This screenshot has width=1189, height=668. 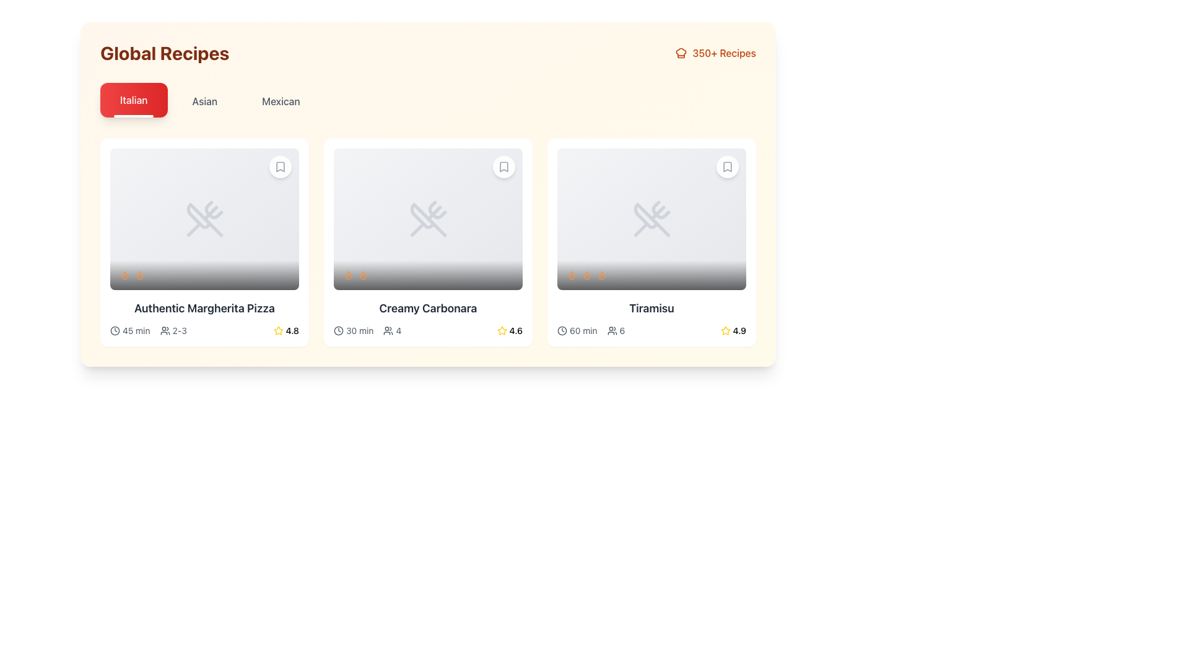 What do you see at coordinates (353, 330) in the screenshot?
I see `the estimated preparation or cooking time text located underneath the 'Creamy Carbonara' card in the middle column of the recipe cards` at bounding box center [353, 330].